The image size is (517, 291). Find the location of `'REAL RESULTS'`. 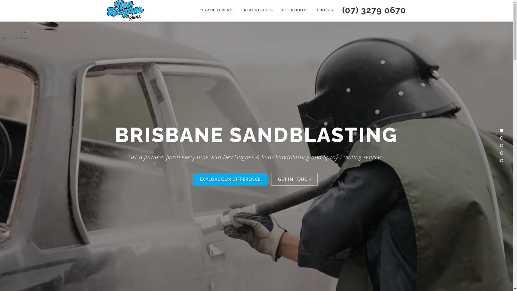

'REAL RESULTS' is located at coordinates (258, 10).